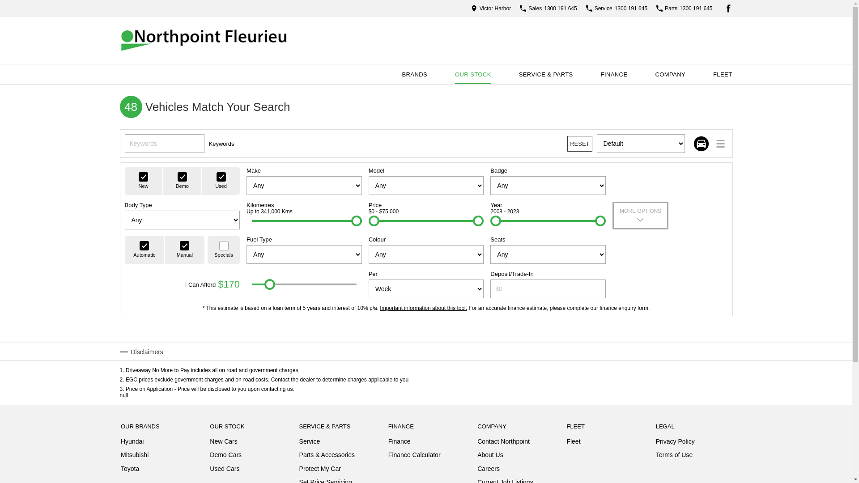  Describe the element at coordinates (674, 455) in the screenshot. I see `'Terms of Use'` at that location.